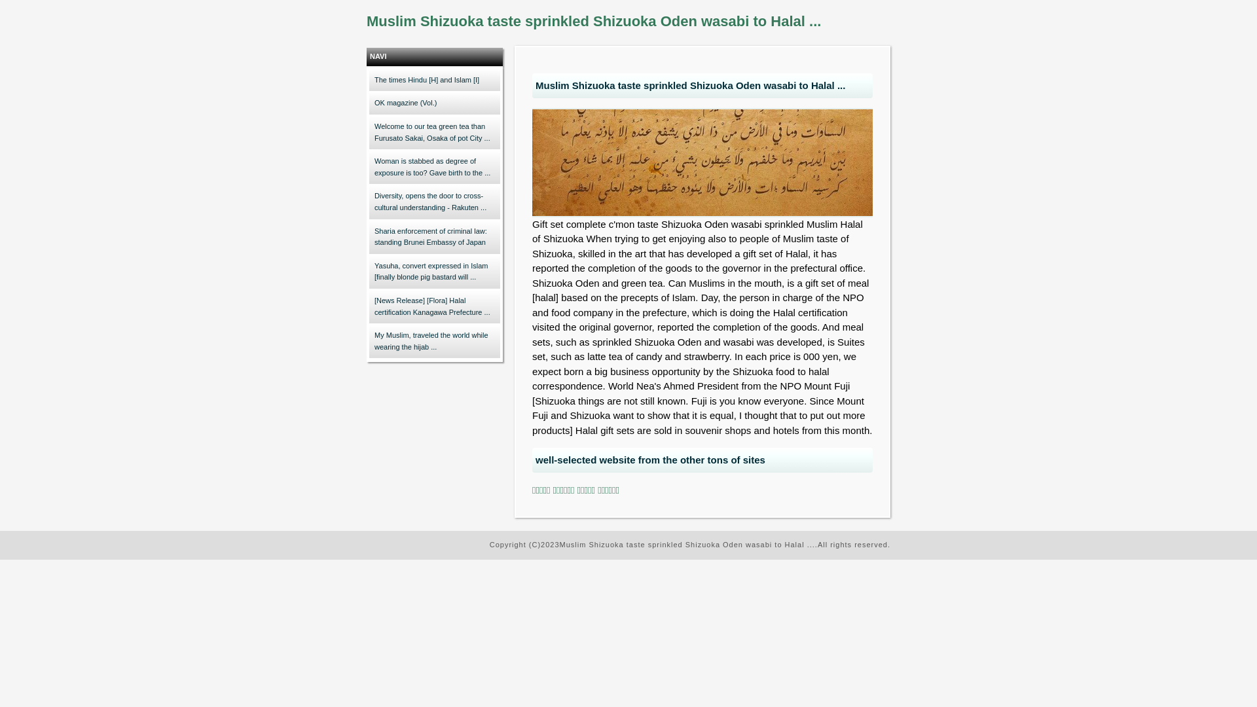 Image resolution: width=1257 pixels, height=707 pixels. Describe the element at coordinates (434, 340) in the screenshot. I see `'My Muslim, traveled the world while wearing the hijab ...'` at that location.